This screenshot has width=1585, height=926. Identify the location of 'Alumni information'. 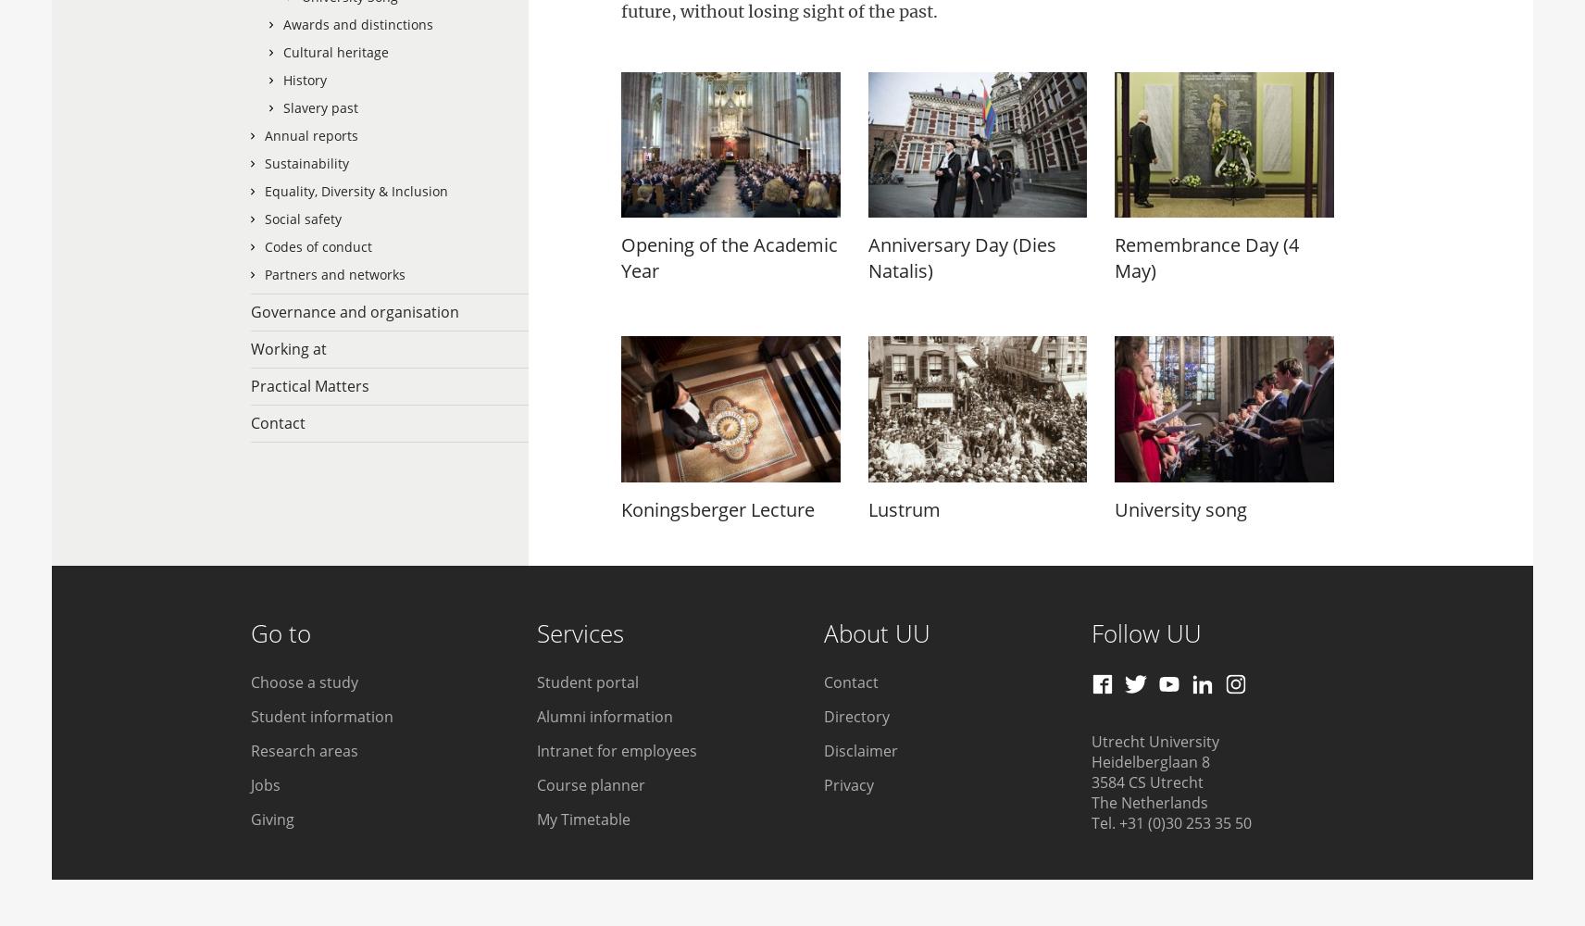
(605, 717).